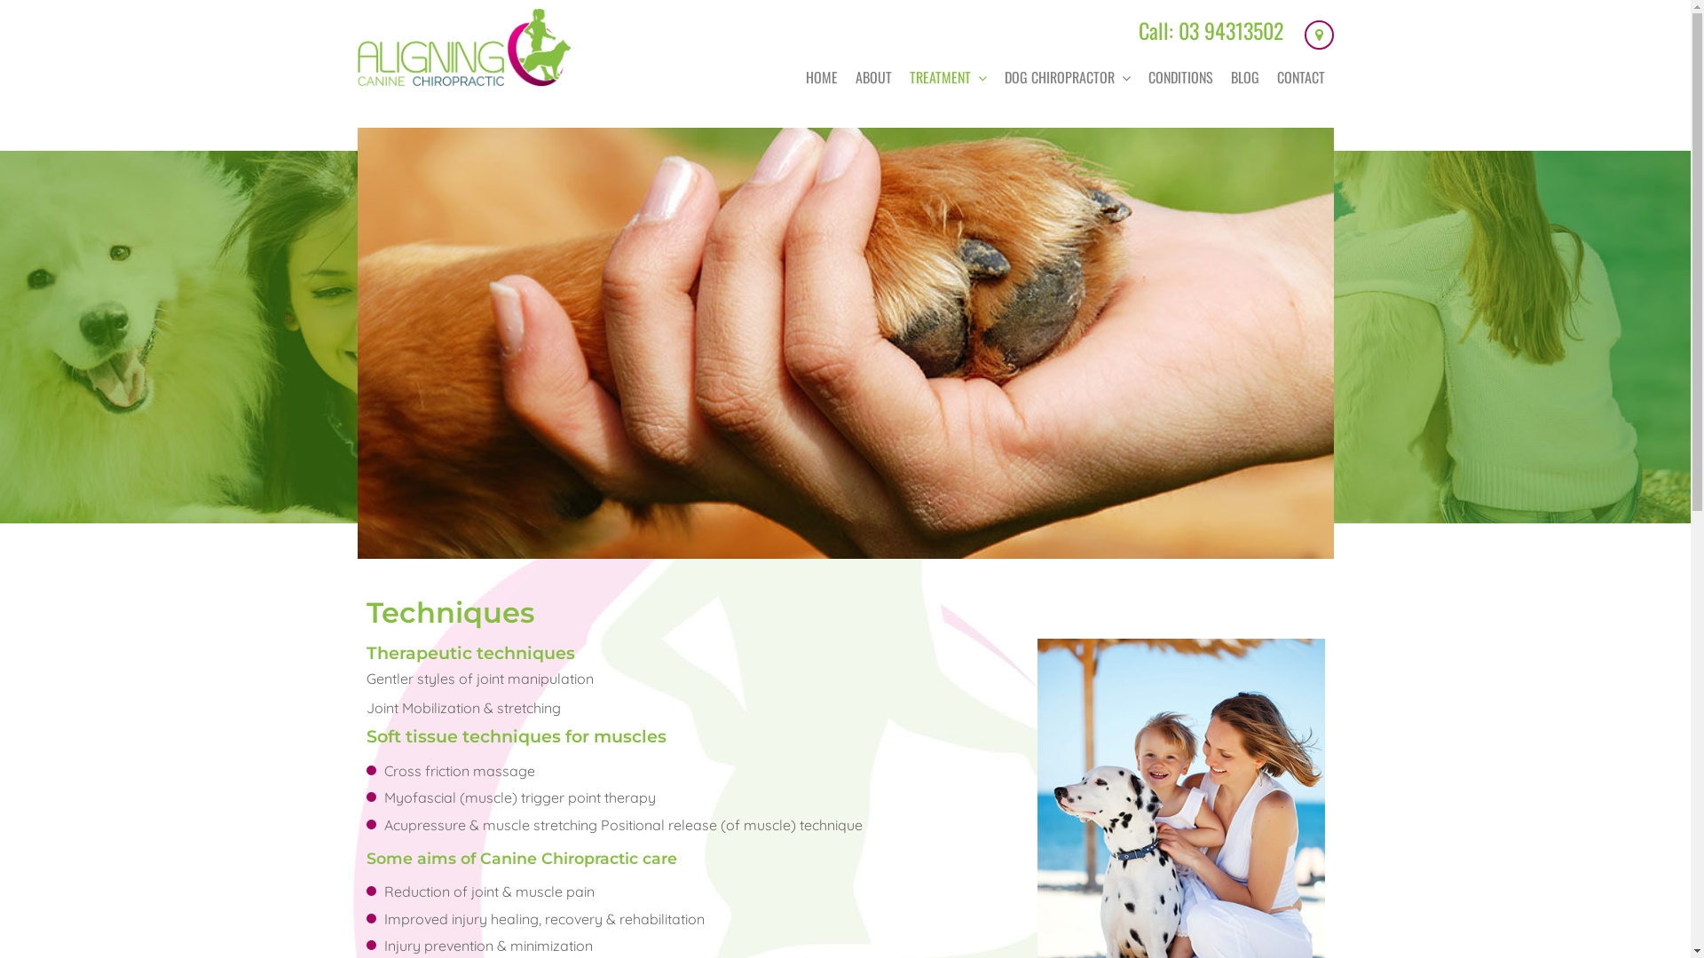 Image resolution: width=1704 pixels, height=958 pixels. Describe the element at coordinates (821, 76) in the screenshot. I see `'HOME'` at that location.